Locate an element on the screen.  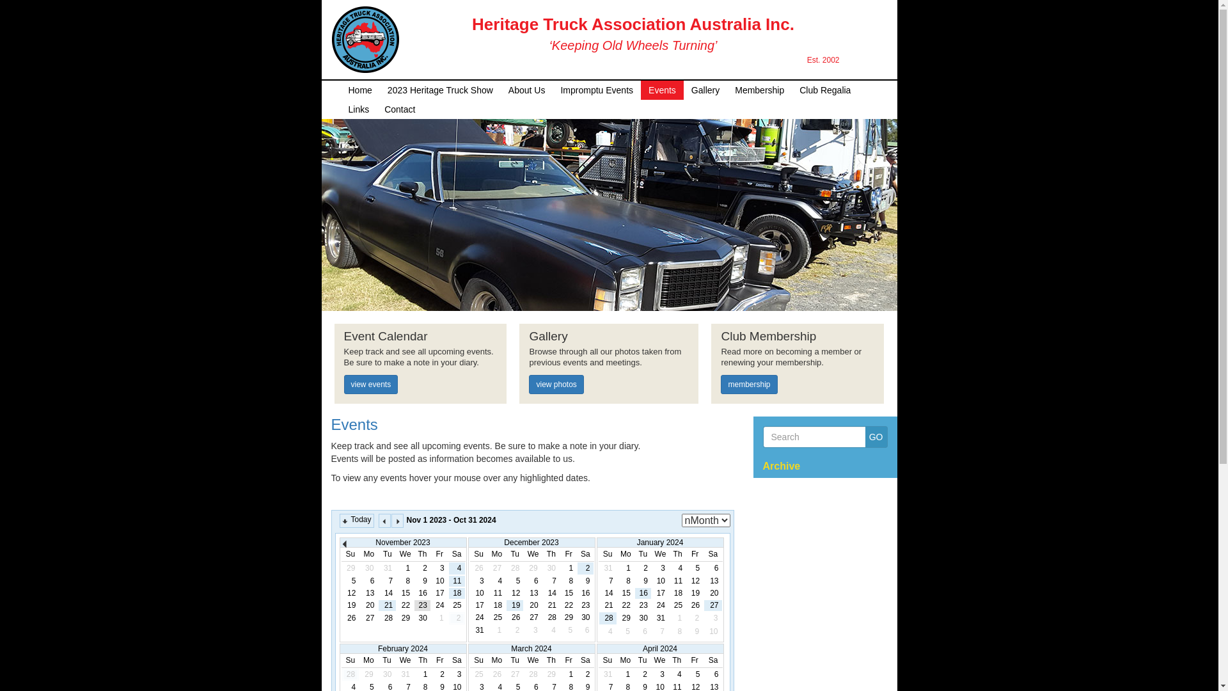
'7' is located at coordinates (551, 581).